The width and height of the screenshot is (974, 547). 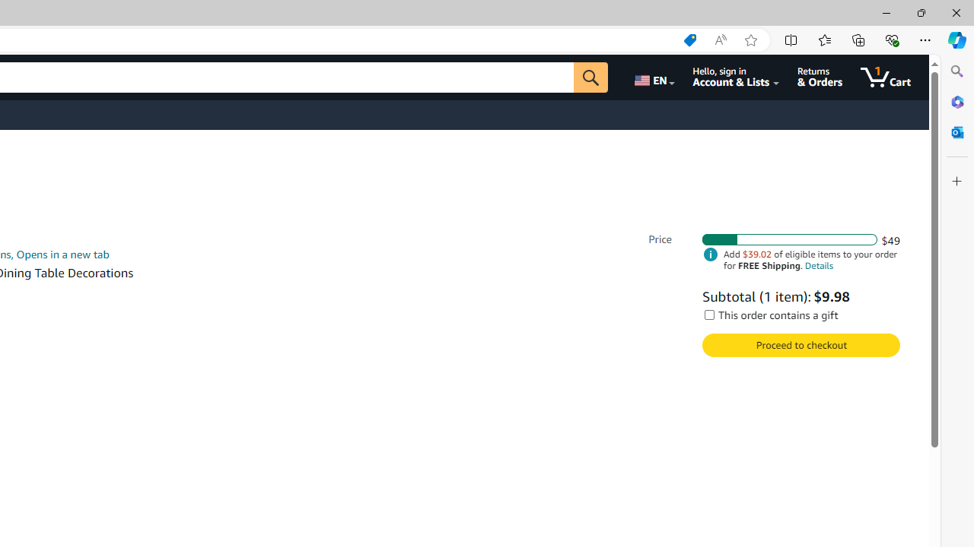 What do you see at coordinates (800, 345) in the screenshot?
I see `'Proceed to checkout Check out Amazon Cart'` at bounding box center [800, 345].